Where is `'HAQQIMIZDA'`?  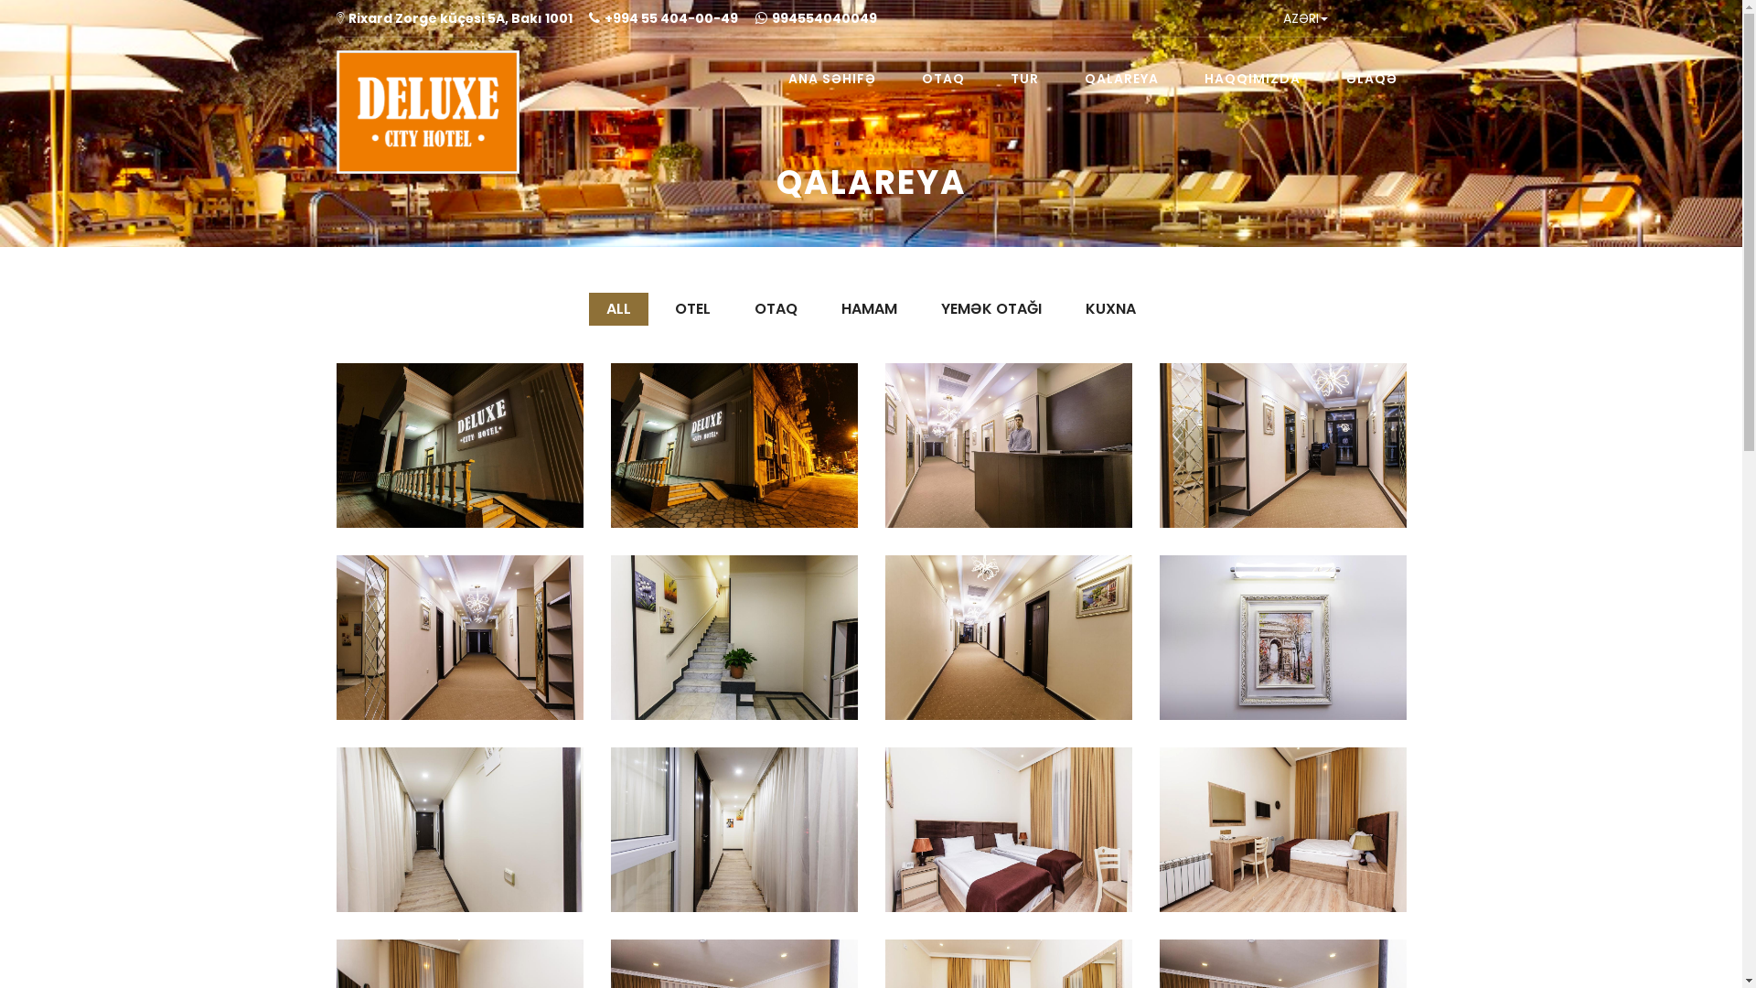 'HAQQIMIZDA' is located at coordinates (1250, 77).